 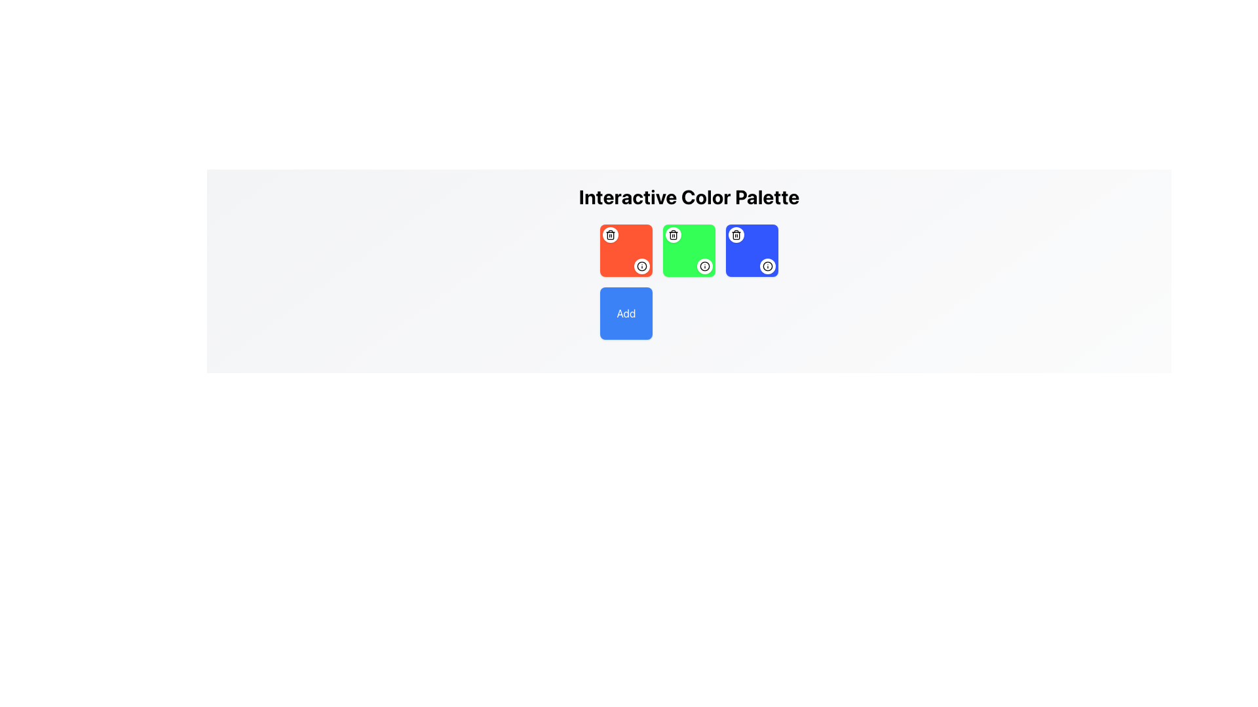 What do you see at coordinates (736, 234) in the screenshot?
I see `the small circular delete button with a trash bin icon located at the top-left corner of the blue square in the third column of colored squares in the second row` at bounding box center [736, 234].